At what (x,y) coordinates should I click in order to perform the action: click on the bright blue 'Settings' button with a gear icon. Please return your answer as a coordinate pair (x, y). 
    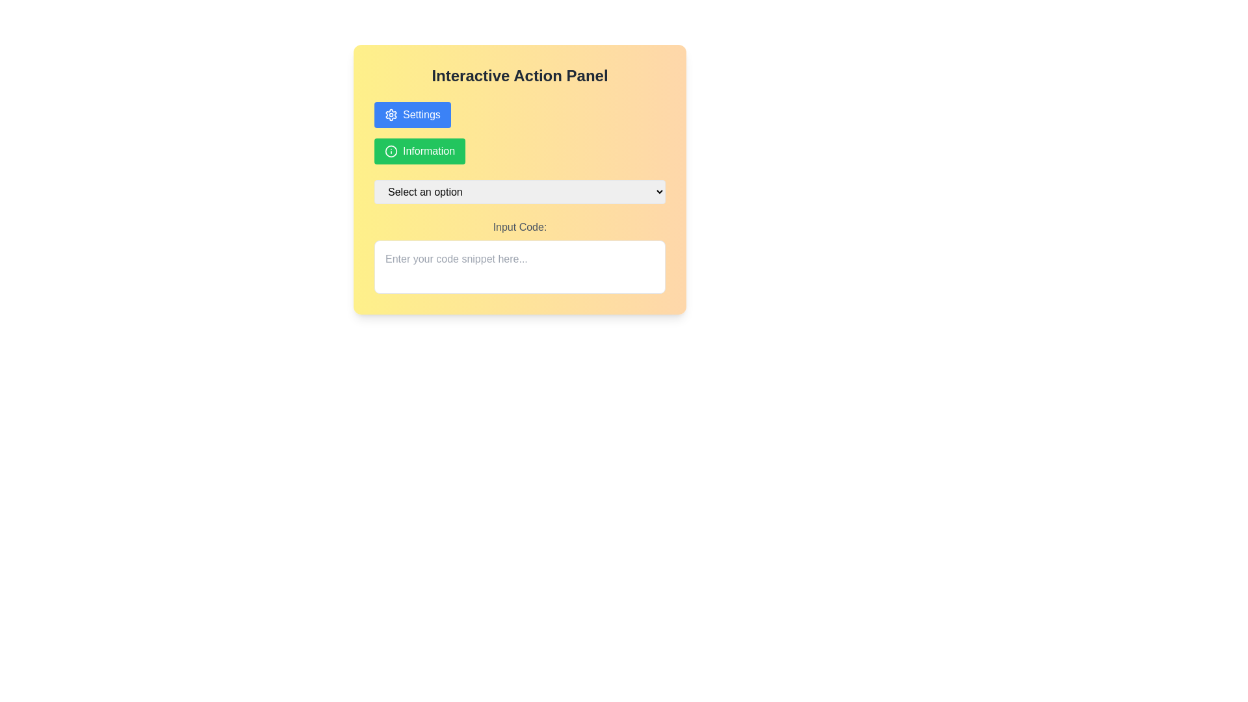
    Looking at the image, I should click on (411, 114).